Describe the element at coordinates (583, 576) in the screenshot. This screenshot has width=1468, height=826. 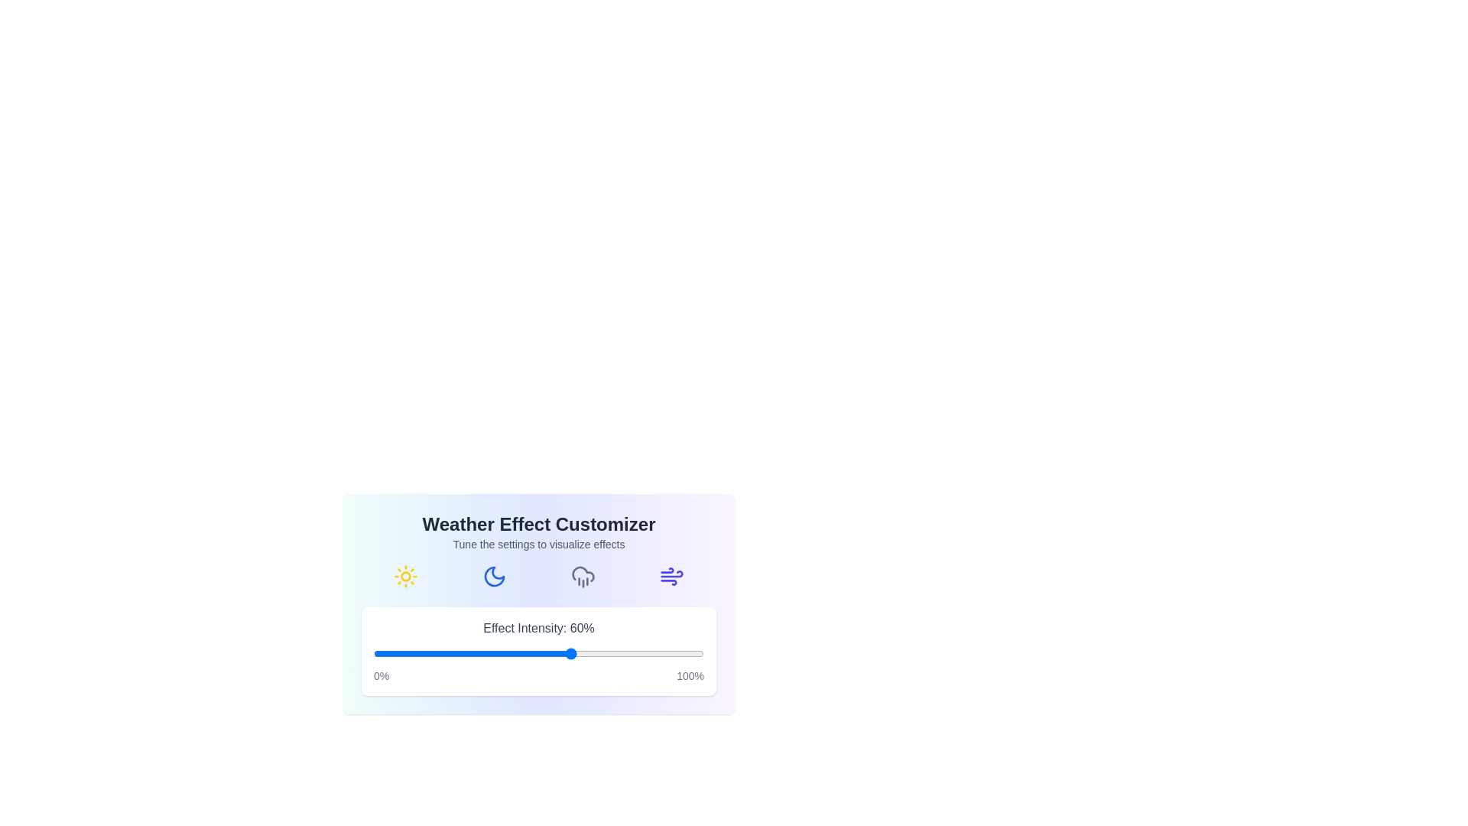
I see `the rainy weather icon button located between the crescent moon icon and the wind icon in the Weather Effect Customizer` at that location.